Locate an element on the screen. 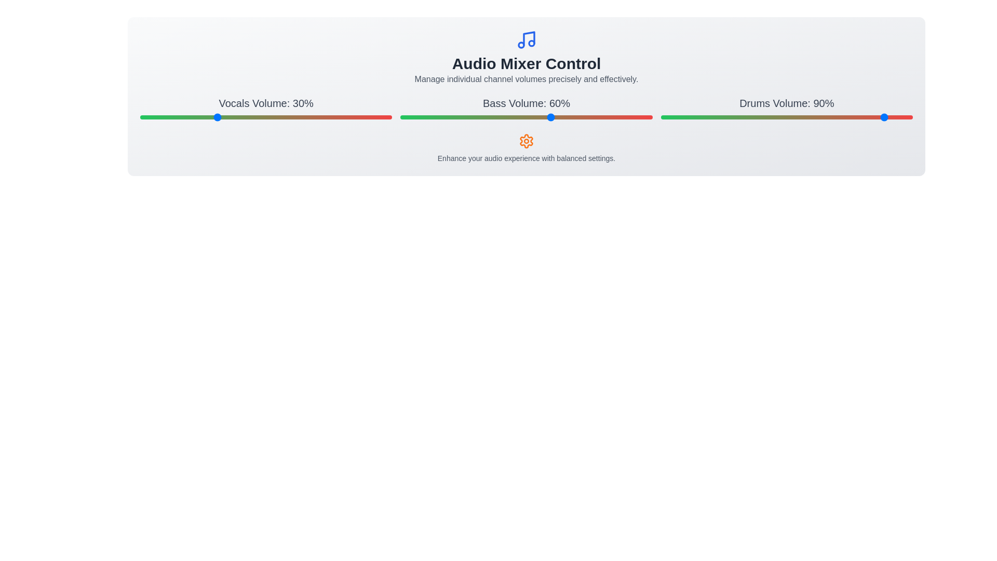 The image size is (997, 561). the settings icon to open the settings menu is located at coordinates (526, 141).